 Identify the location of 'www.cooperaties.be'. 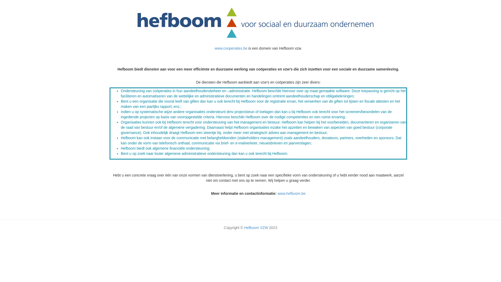
(231, 48).